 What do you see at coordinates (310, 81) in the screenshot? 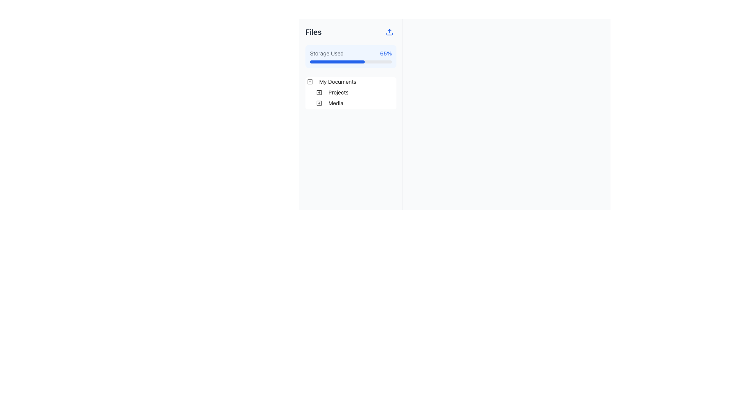
I see `the collapse button icon located at the top-left corner of the 'My Documents' section in the file tree` at bounding box center [310, 81].